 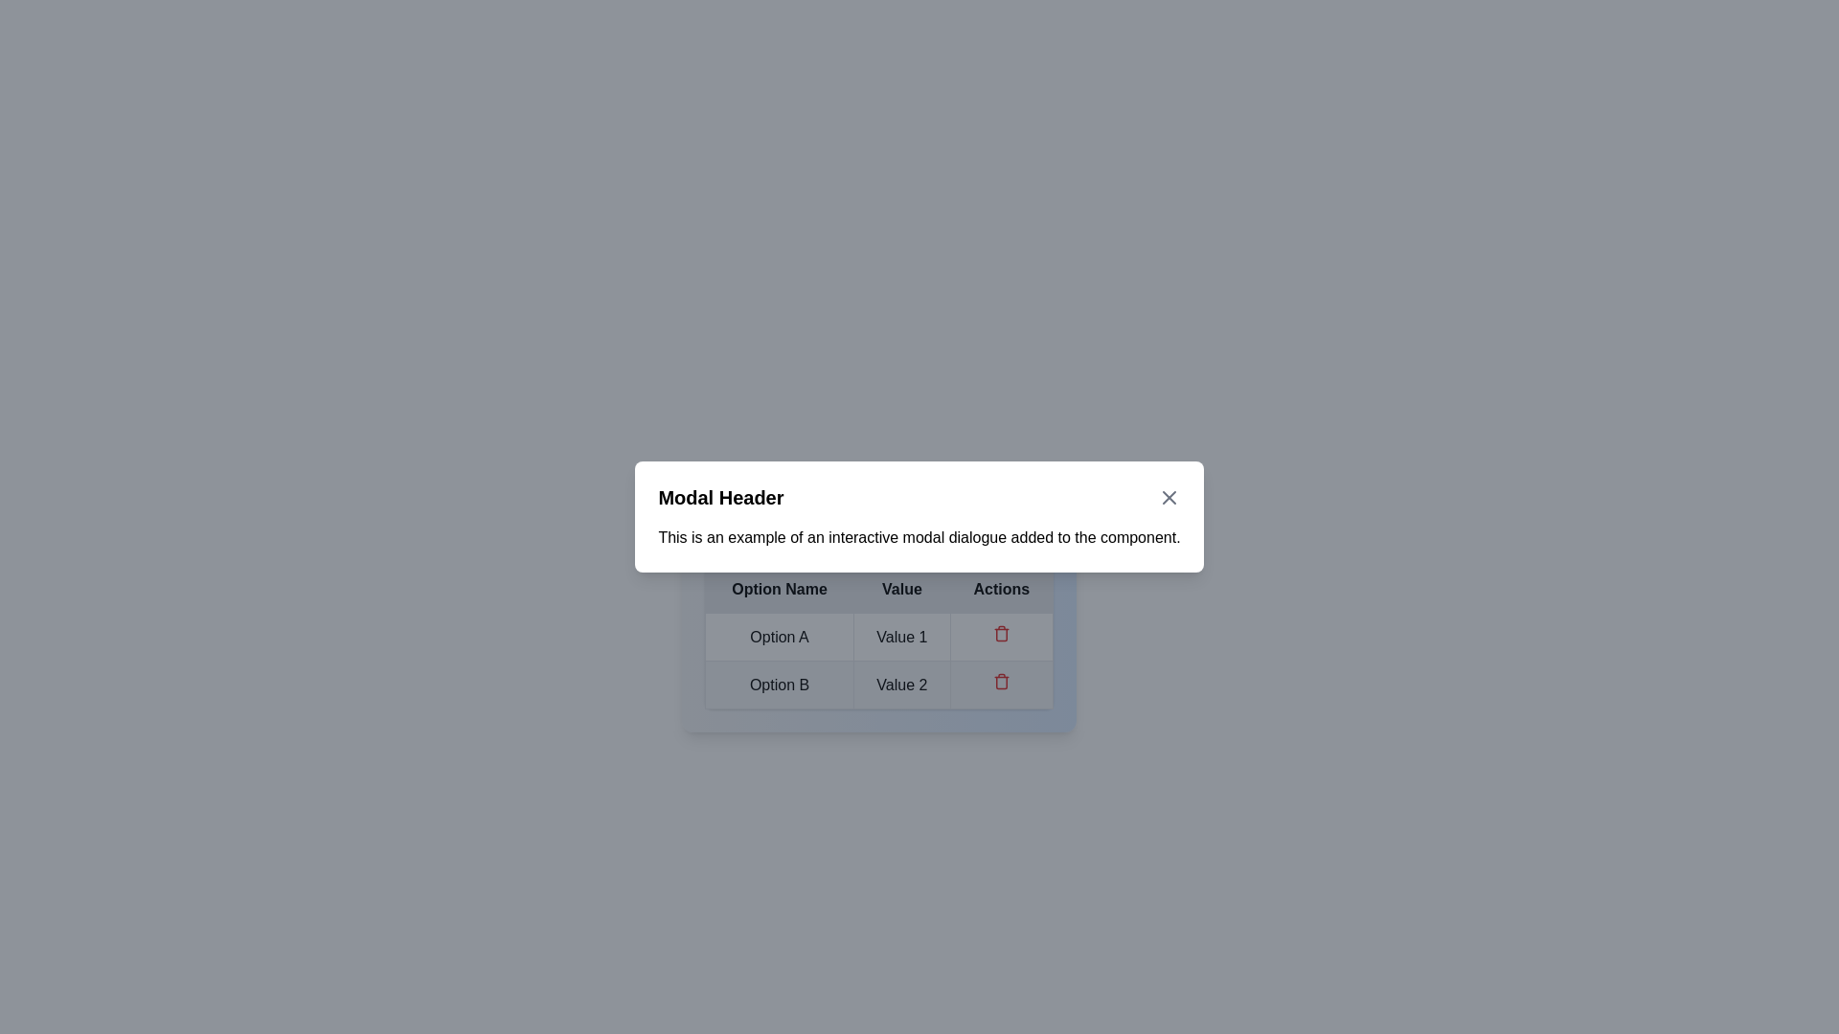 What do you see at coordinates (877, 660) in the screenshot?
I see `the 'Value 1' cell in the first row of the table within the modal dialog to interact with it` at bounding box center [877, 660].